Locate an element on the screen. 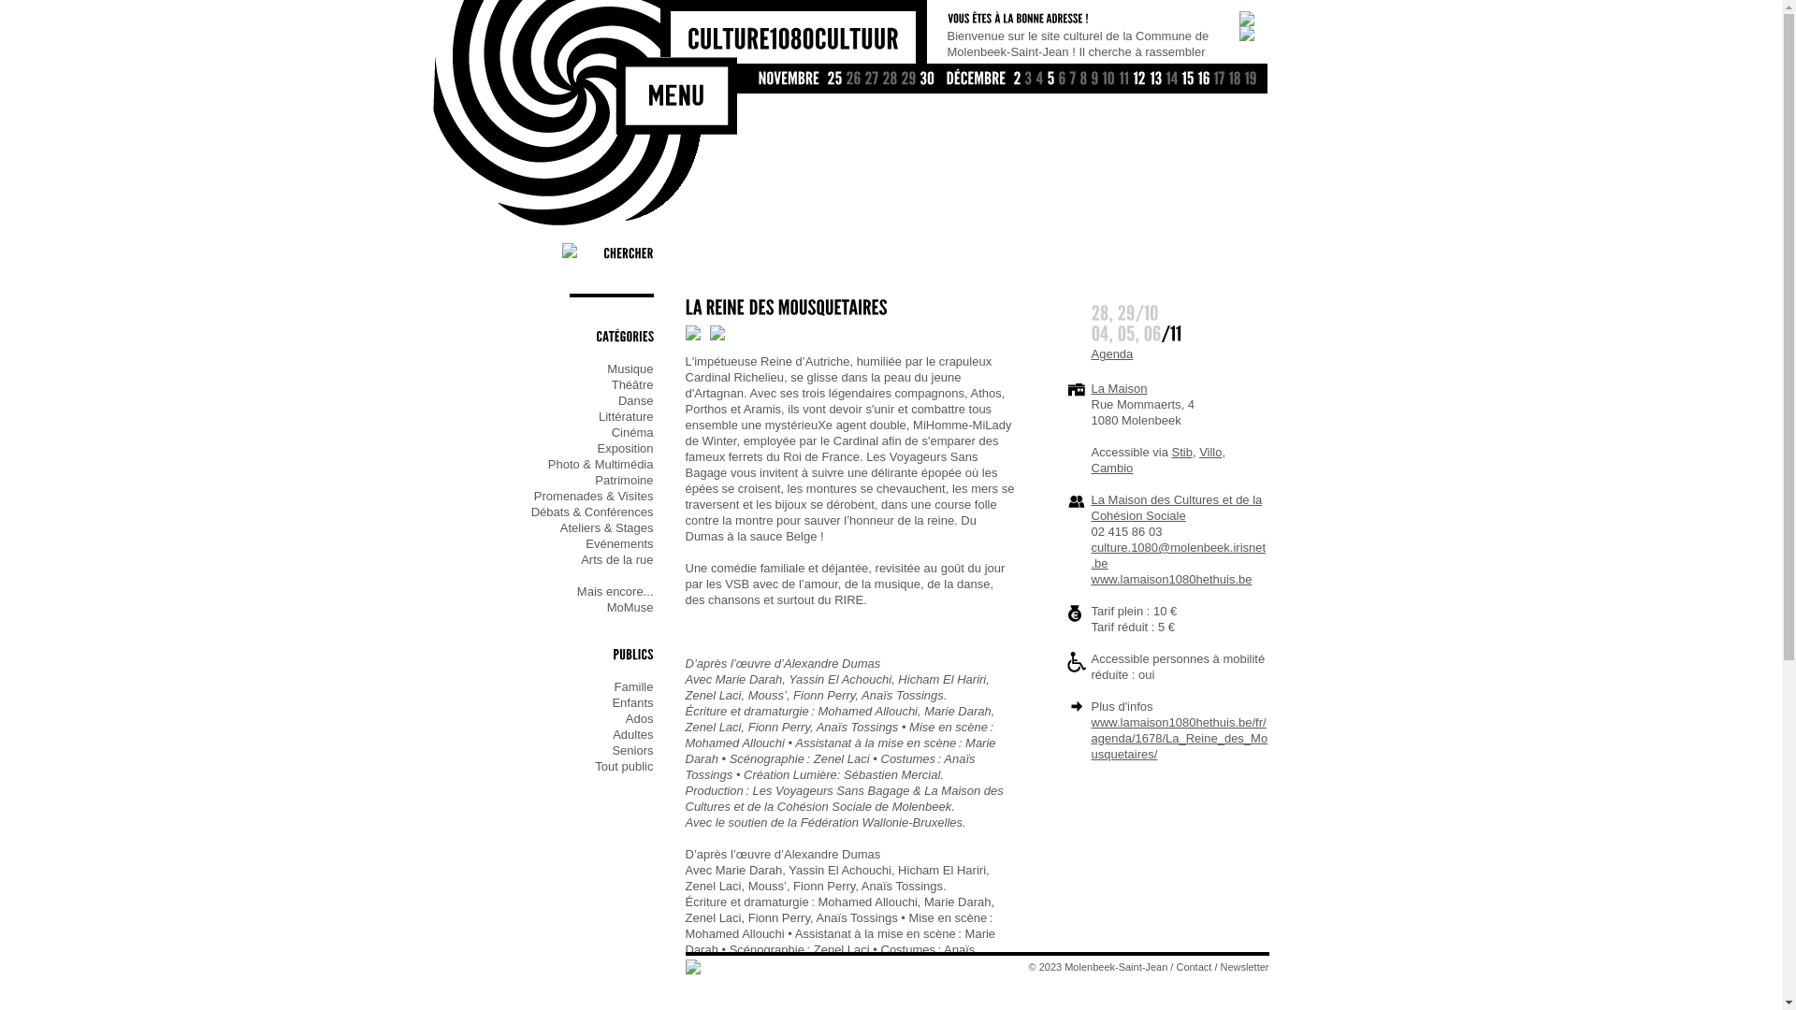 This screenshot has width=1796, height=1010. 'Tout public' is located at coordinates (542, 766).